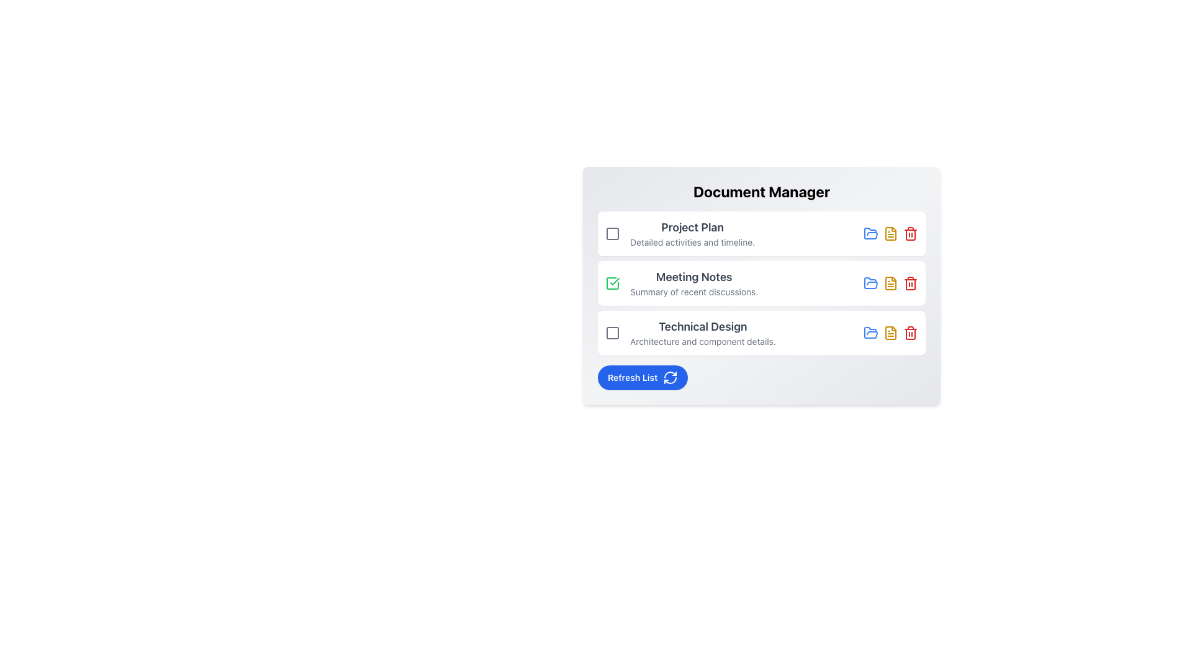  What do you see at coordinates (761, 283) in the screenshot?
I see `the title of the interactive list item representing 'Meeting Notes'` at bounding box center [761, 283].